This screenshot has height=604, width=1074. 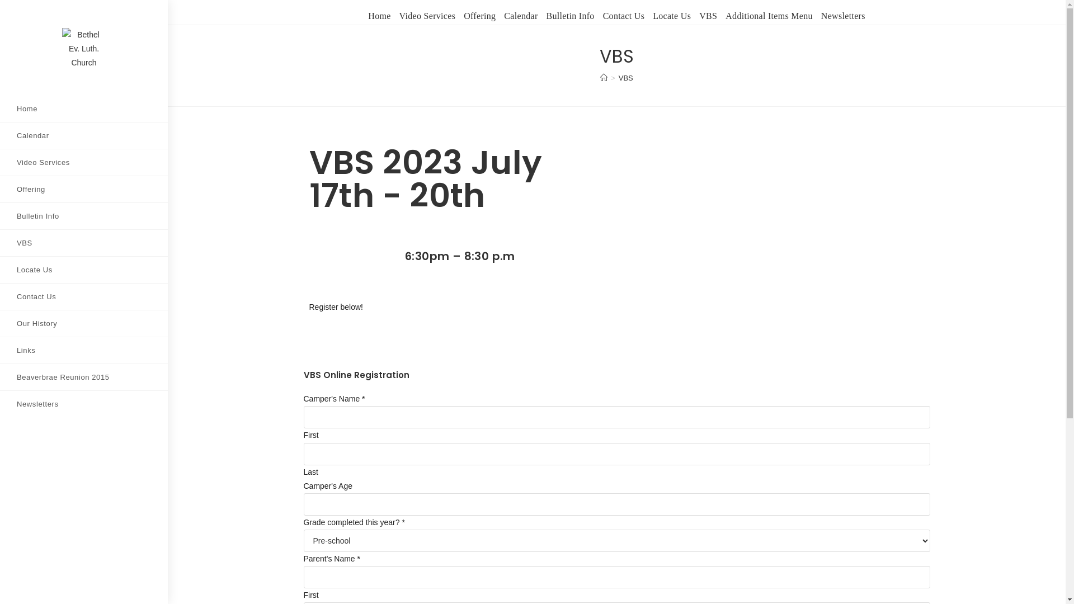 What do you see at coordinates (83, 377) in the screenshot?
I see `'Beaverbrae Reunion 2015'` at bounding box center [83, 377].